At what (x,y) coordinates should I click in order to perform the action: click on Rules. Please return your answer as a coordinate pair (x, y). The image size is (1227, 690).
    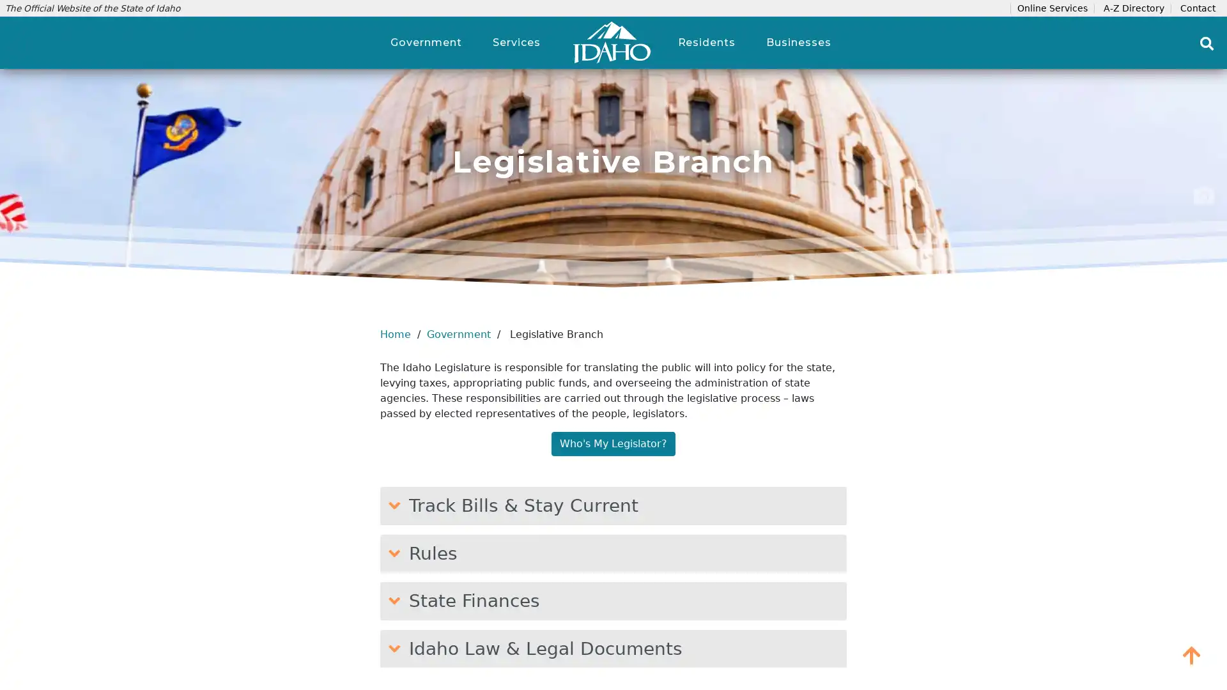
    Looking at the image, I should click on (613, 553).